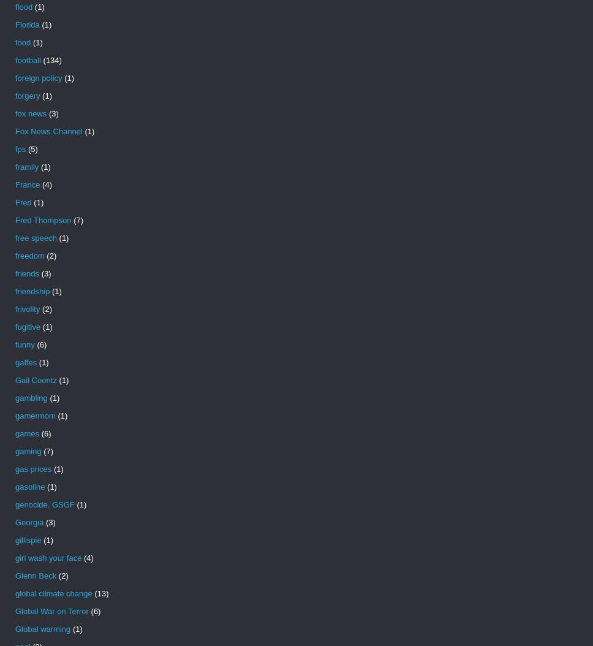  What do you see at coordinates (29, 255) in the screenshot?
I see `'freedom'` at bounding box center [29, 255].